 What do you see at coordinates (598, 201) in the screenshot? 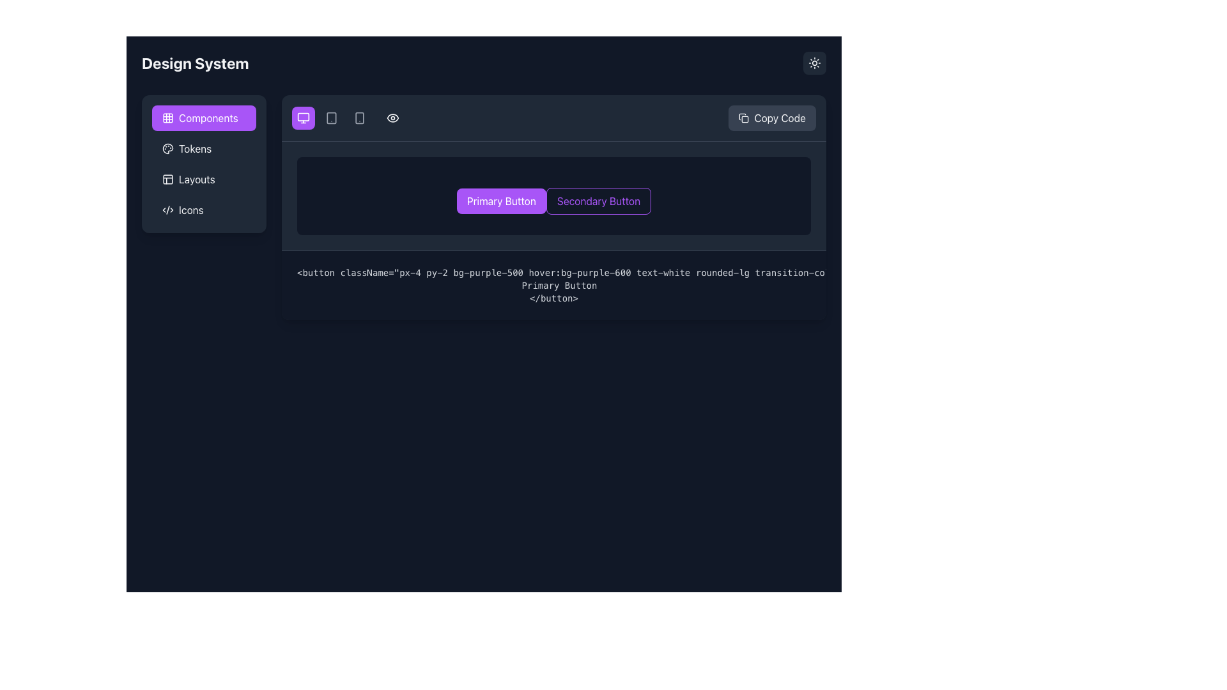
I see `the 'Secondary Button', which is a rectangular button with a purple border and white background, located slightly to the right of the 'Primary Button'` at bounding box center [598, 201].